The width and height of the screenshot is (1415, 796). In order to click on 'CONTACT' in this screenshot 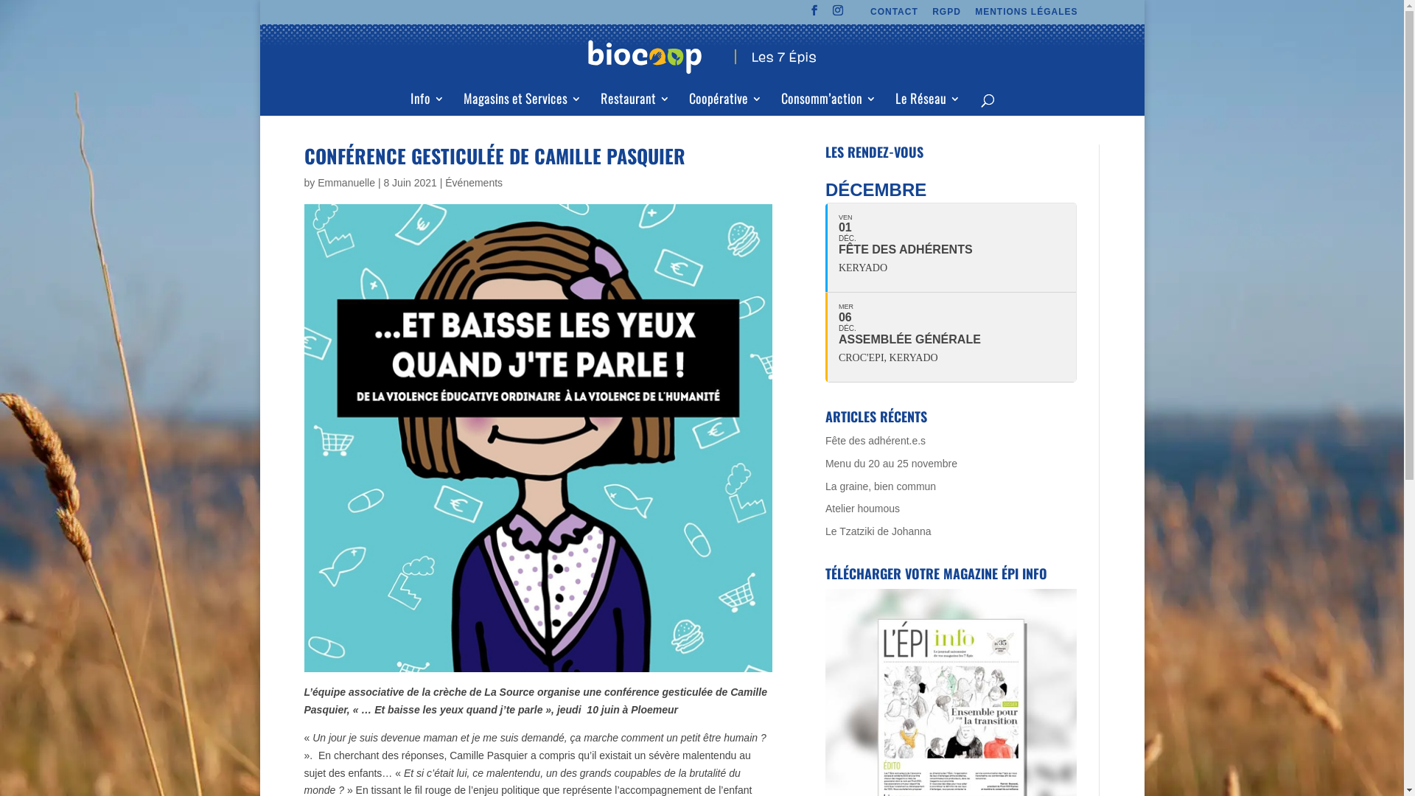, I will do `click(893, 15)`.